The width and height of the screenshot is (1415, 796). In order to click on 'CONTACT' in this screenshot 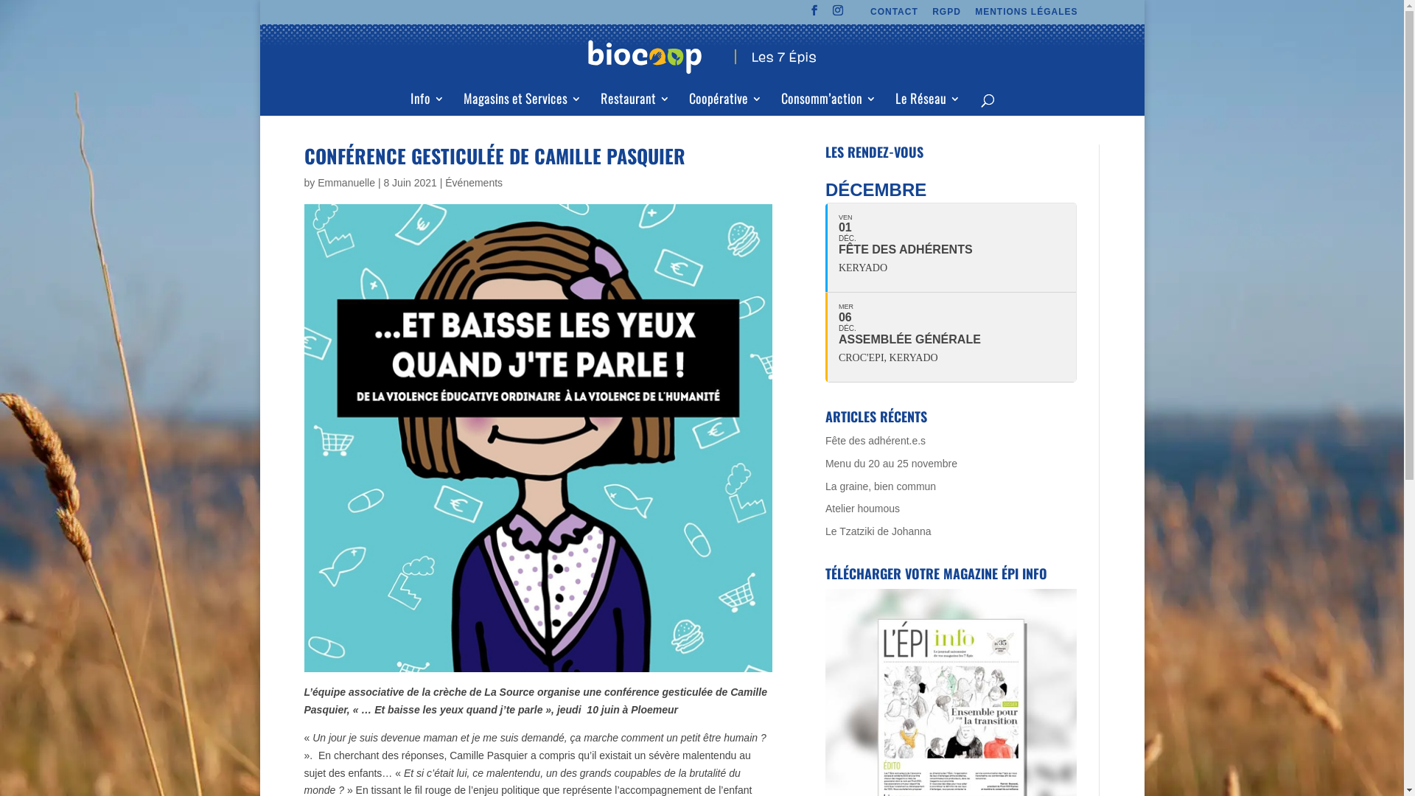, I will do `click(893, 15)`.